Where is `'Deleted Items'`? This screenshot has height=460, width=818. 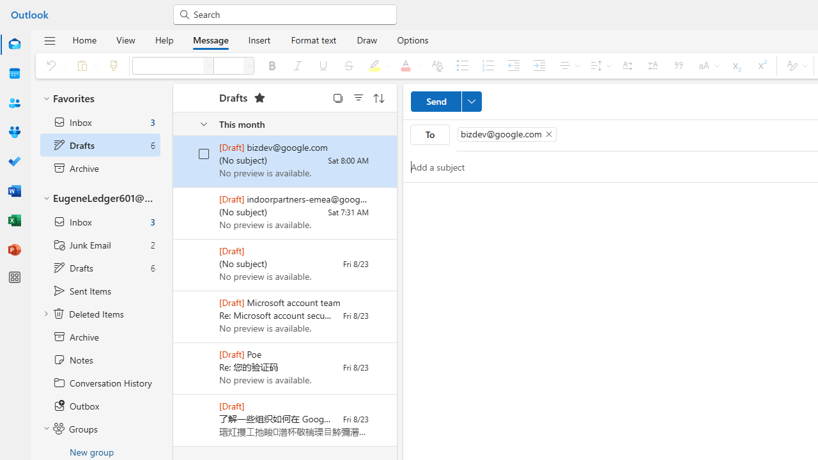 'Deleted Items' is located at coordinates (99, 314).